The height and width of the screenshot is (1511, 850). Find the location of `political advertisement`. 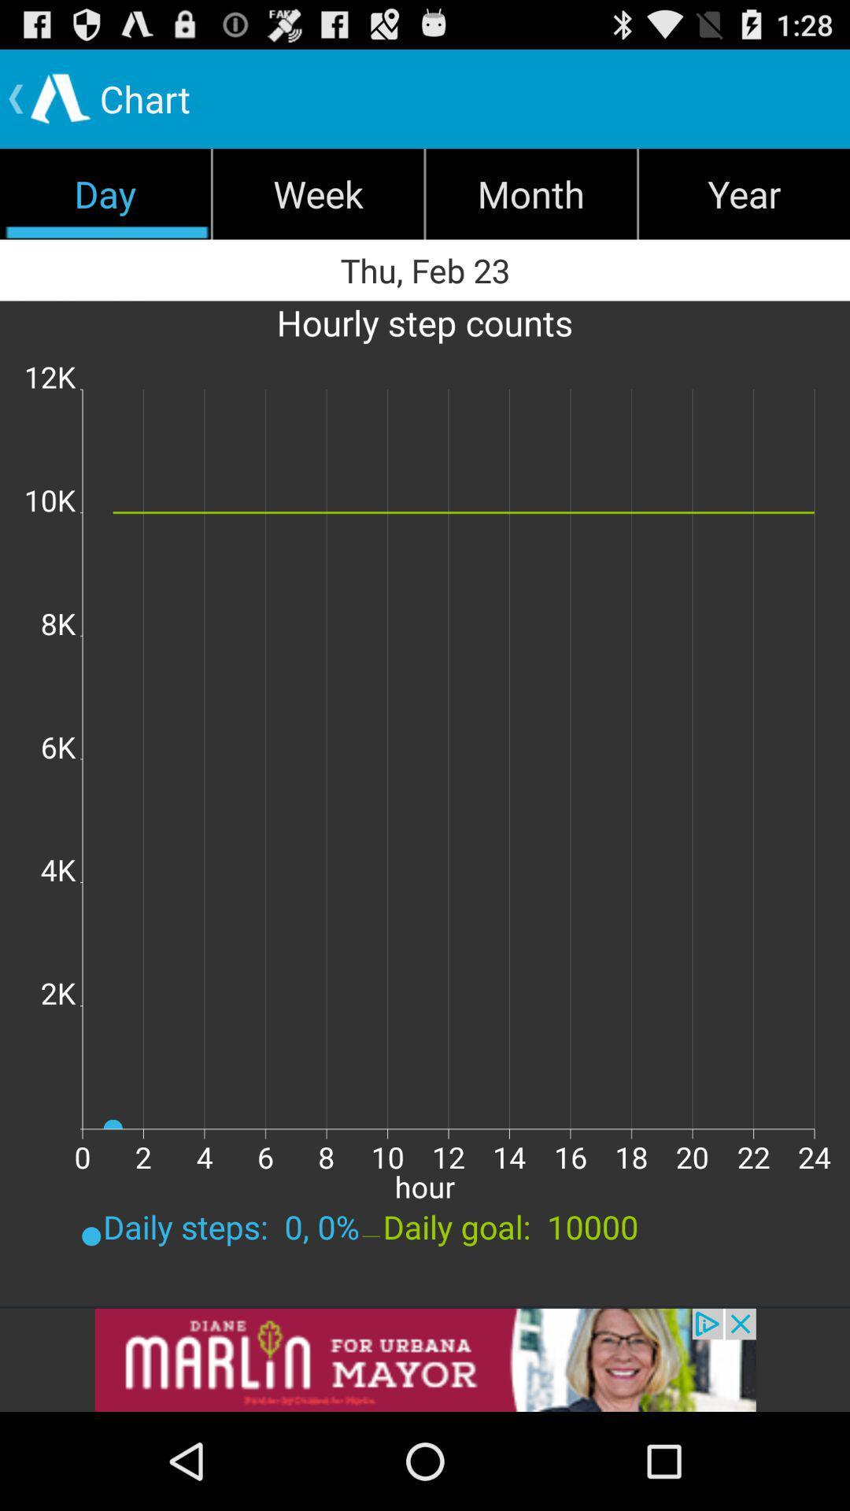

political advertisement is located at coordinates (425, 1359).